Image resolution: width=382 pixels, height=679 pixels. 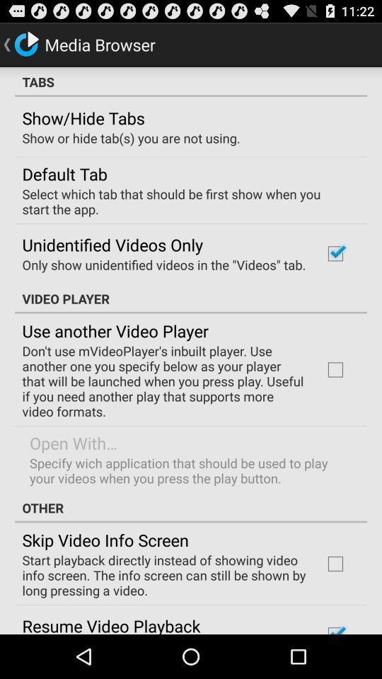 I want to click on the icon above specify wich application app, so click(x=74, y=442).